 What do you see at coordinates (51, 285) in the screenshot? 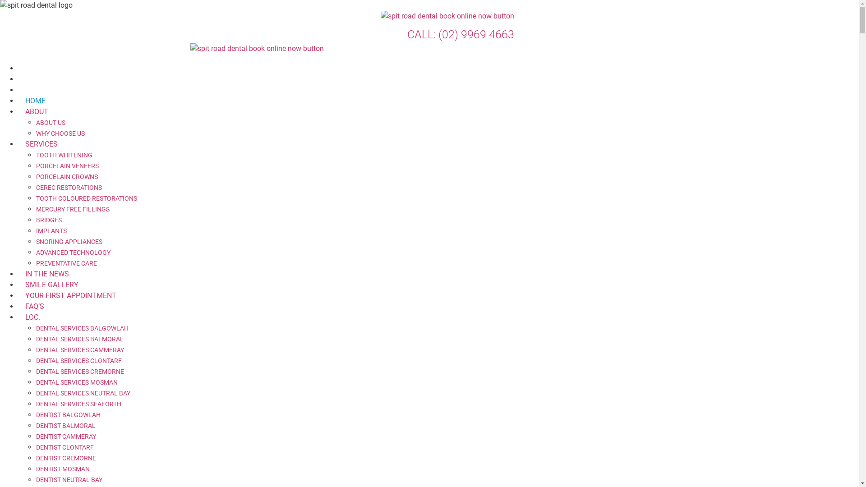
I see `'SMILE GALLERY'` at bounding box center [51, 285].